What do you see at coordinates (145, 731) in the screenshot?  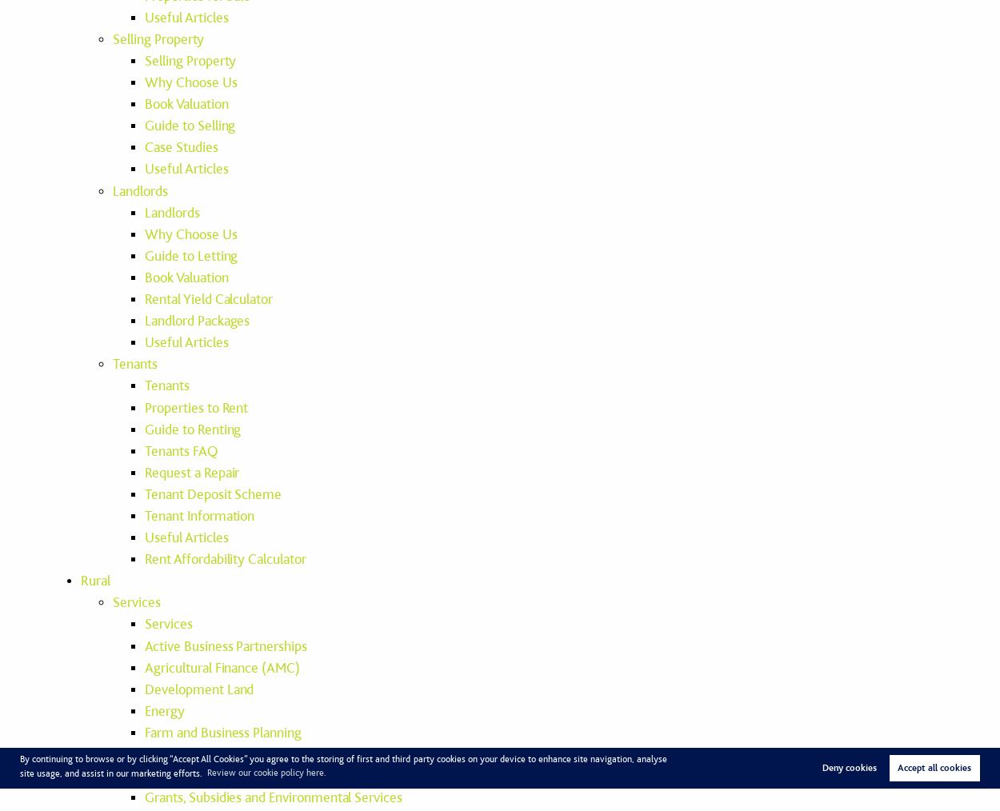 I see `'Farm and Business Planning'` at bounding box center [145, 731].